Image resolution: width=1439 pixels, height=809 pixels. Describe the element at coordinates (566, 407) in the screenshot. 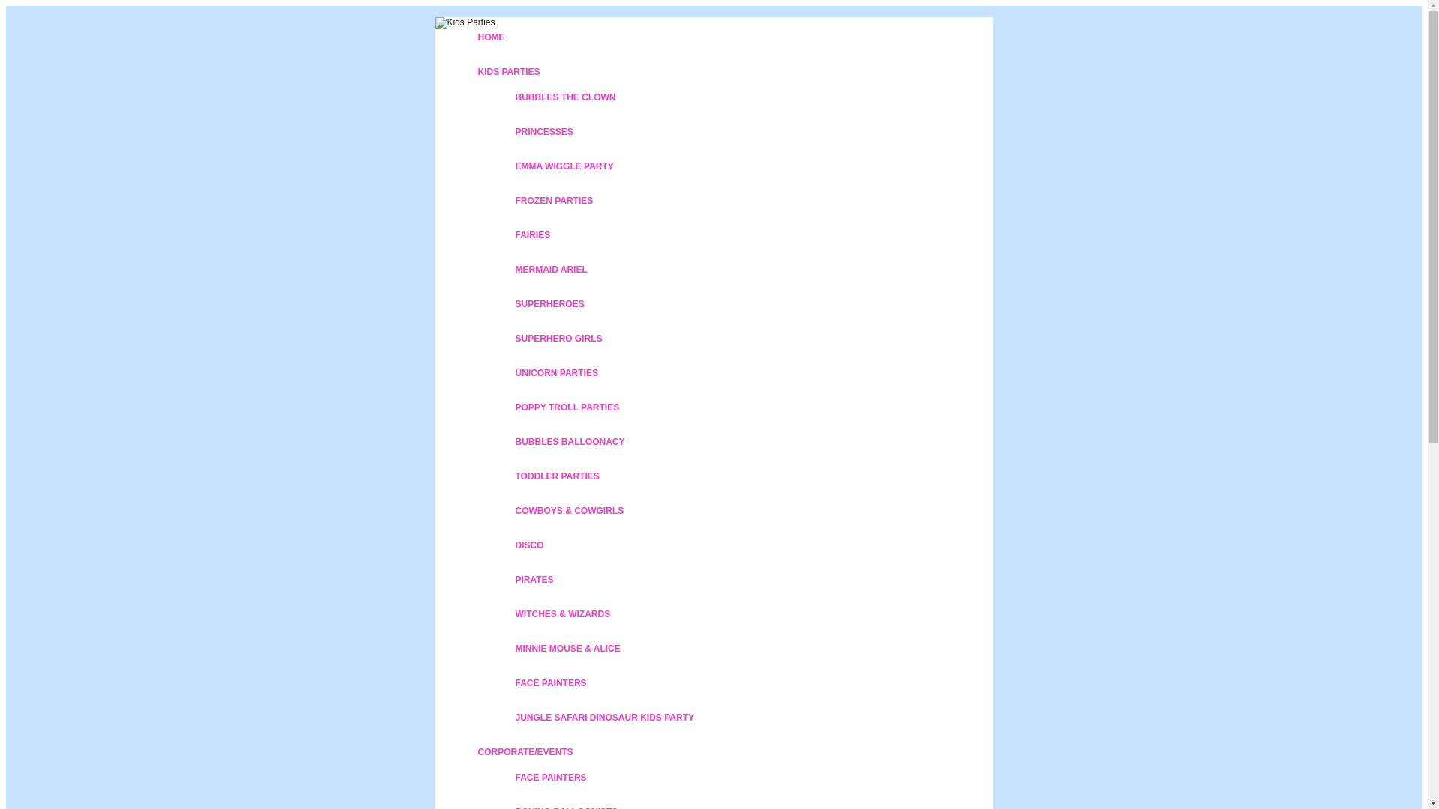

I see `'POPPY TROLL PARTIES'` at that location.